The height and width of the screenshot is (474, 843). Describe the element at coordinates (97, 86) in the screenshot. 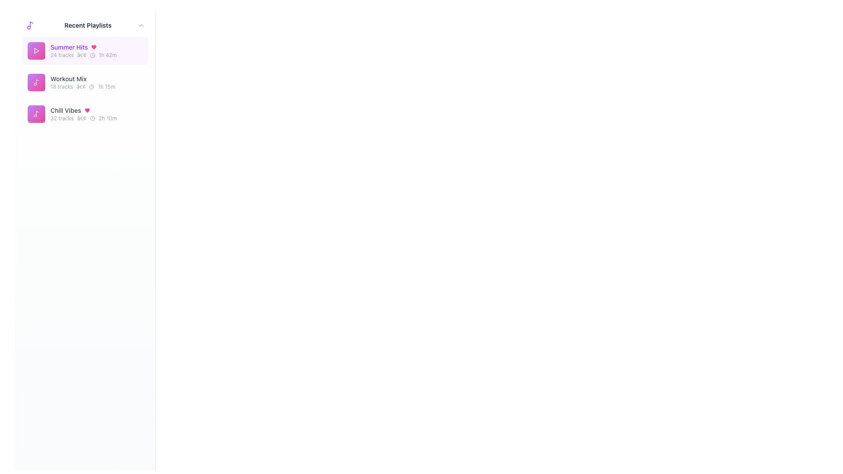

I see `information displayed in the text label with icon that shows '18 tracks • 1h 15m', located below the 'Workout Mix' header in the playlist` at that location.